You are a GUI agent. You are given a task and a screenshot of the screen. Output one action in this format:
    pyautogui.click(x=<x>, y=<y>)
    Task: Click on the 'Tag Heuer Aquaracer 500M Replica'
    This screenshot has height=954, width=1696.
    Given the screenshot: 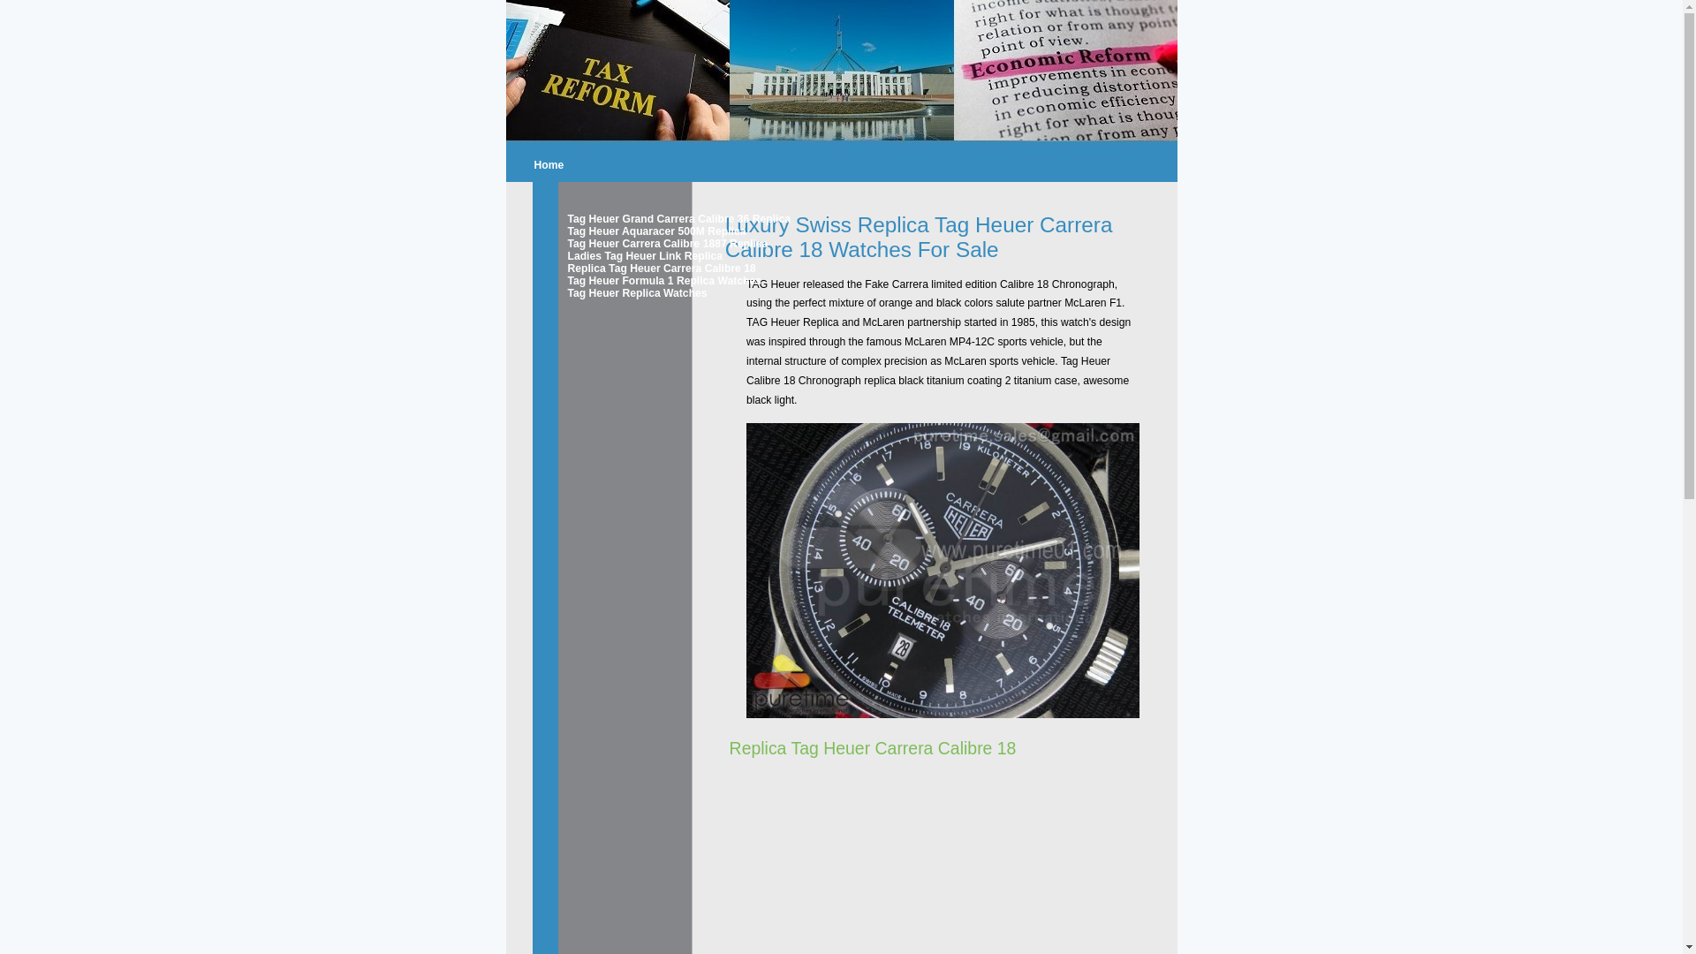 What is the action you would take?
    pyautogui.click(x=628, y=231)
    